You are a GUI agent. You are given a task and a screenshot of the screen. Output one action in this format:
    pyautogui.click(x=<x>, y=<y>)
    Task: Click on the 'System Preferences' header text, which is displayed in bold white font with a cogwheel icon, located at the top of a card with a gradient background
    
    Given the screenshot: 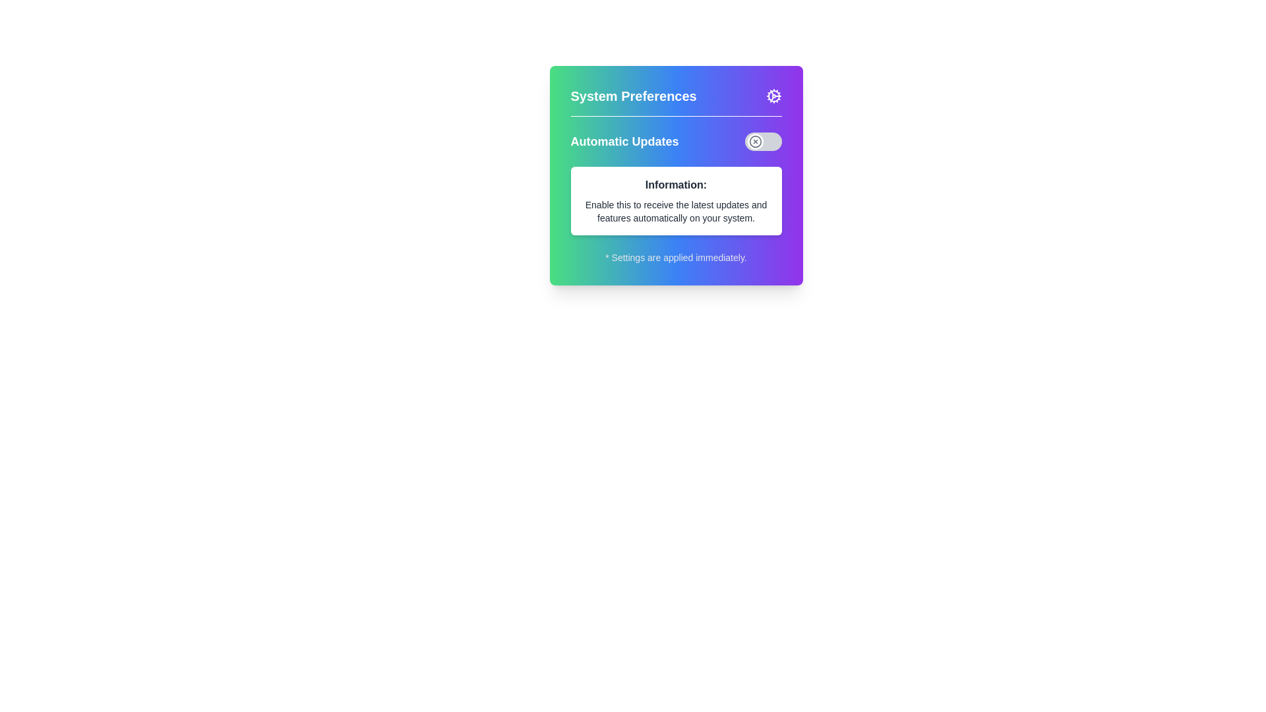 What is the action you would take?
    pyautogui.click(x=676, y=101)
    